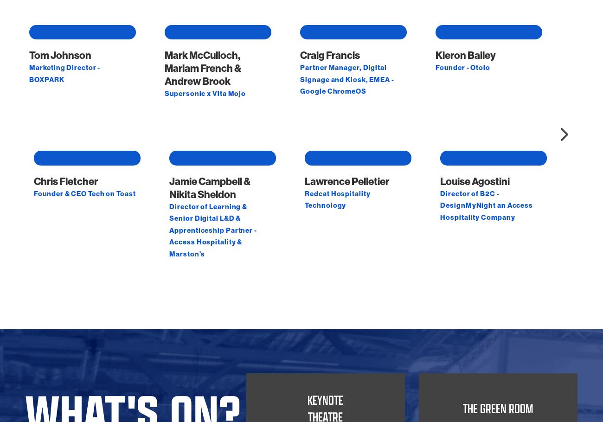  I want to click on 'Kieron Bailey', so click(465, 55).